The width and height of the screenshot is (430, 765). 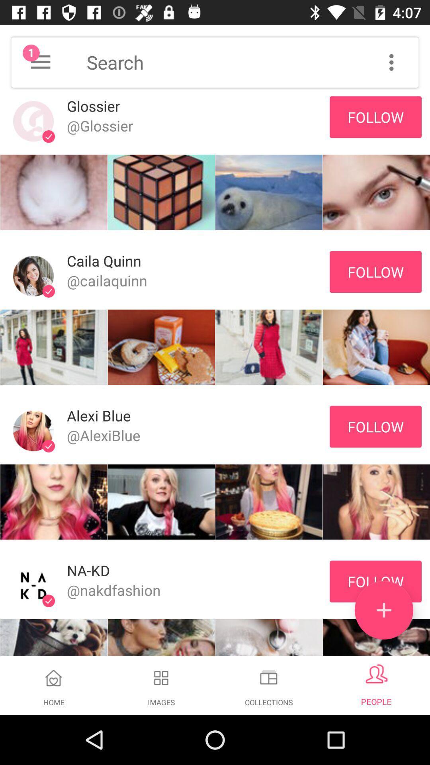 What do you see at coordinates (391, 62) in the screenshot?
I see `search options` at bounding box center [391, 62].